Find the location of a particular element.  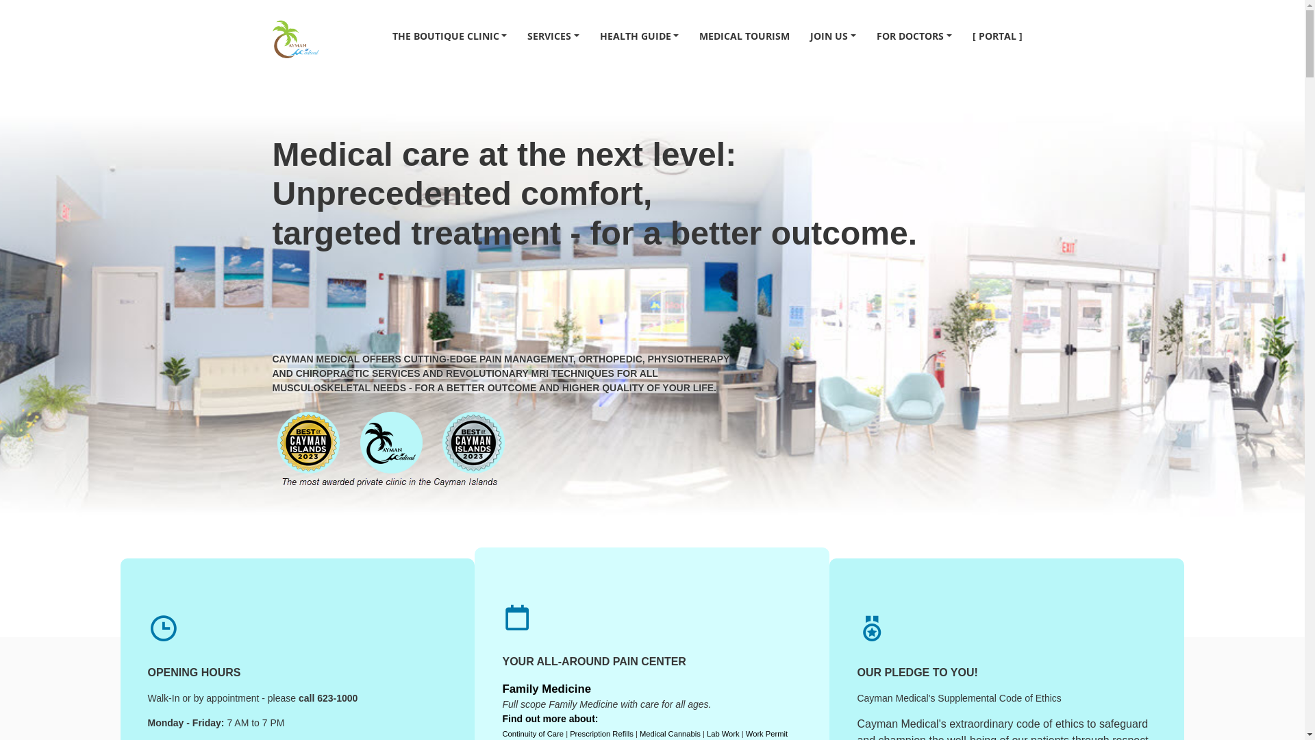

'[ PORTAL ]' is located at coordinates (997, 35).